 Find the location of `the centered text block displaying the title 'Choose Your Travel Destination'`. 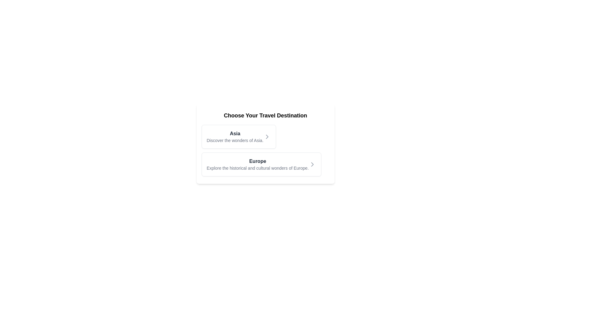

the centered text block displaying the title 'Choose Your Travel Destination' is located at coordinates (265, 115).